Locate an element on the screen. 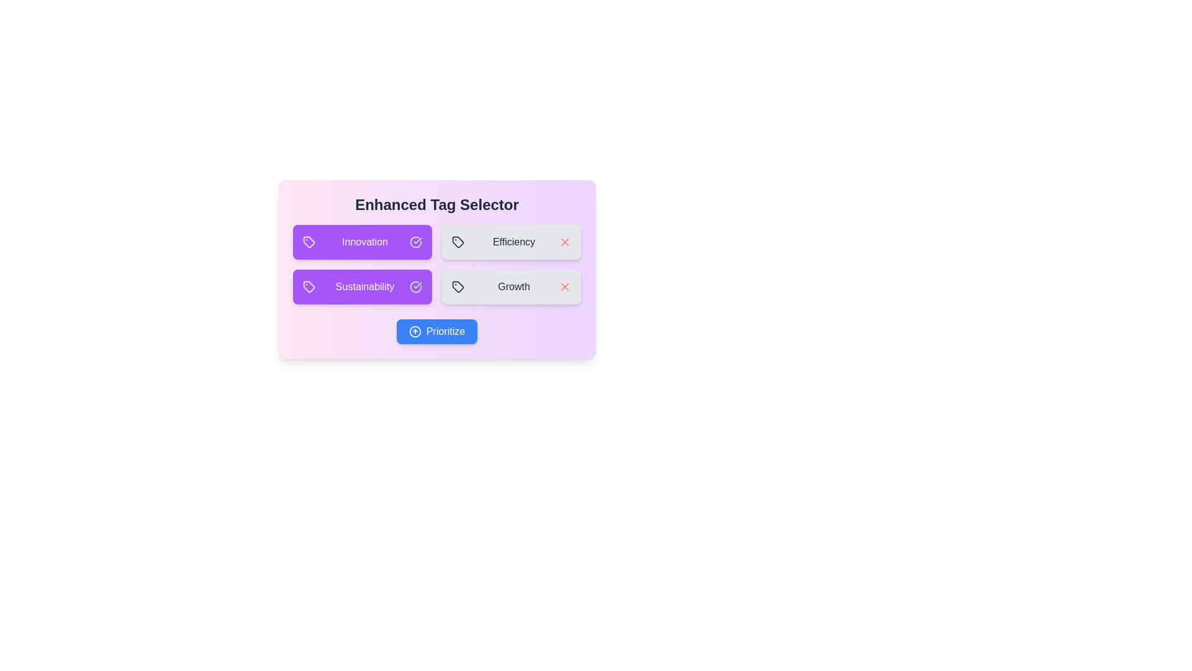 Image resolution: width=1192 pixels, height=671 pixels. the Growth to observe its hover effect is located at coordinates (512, 287).